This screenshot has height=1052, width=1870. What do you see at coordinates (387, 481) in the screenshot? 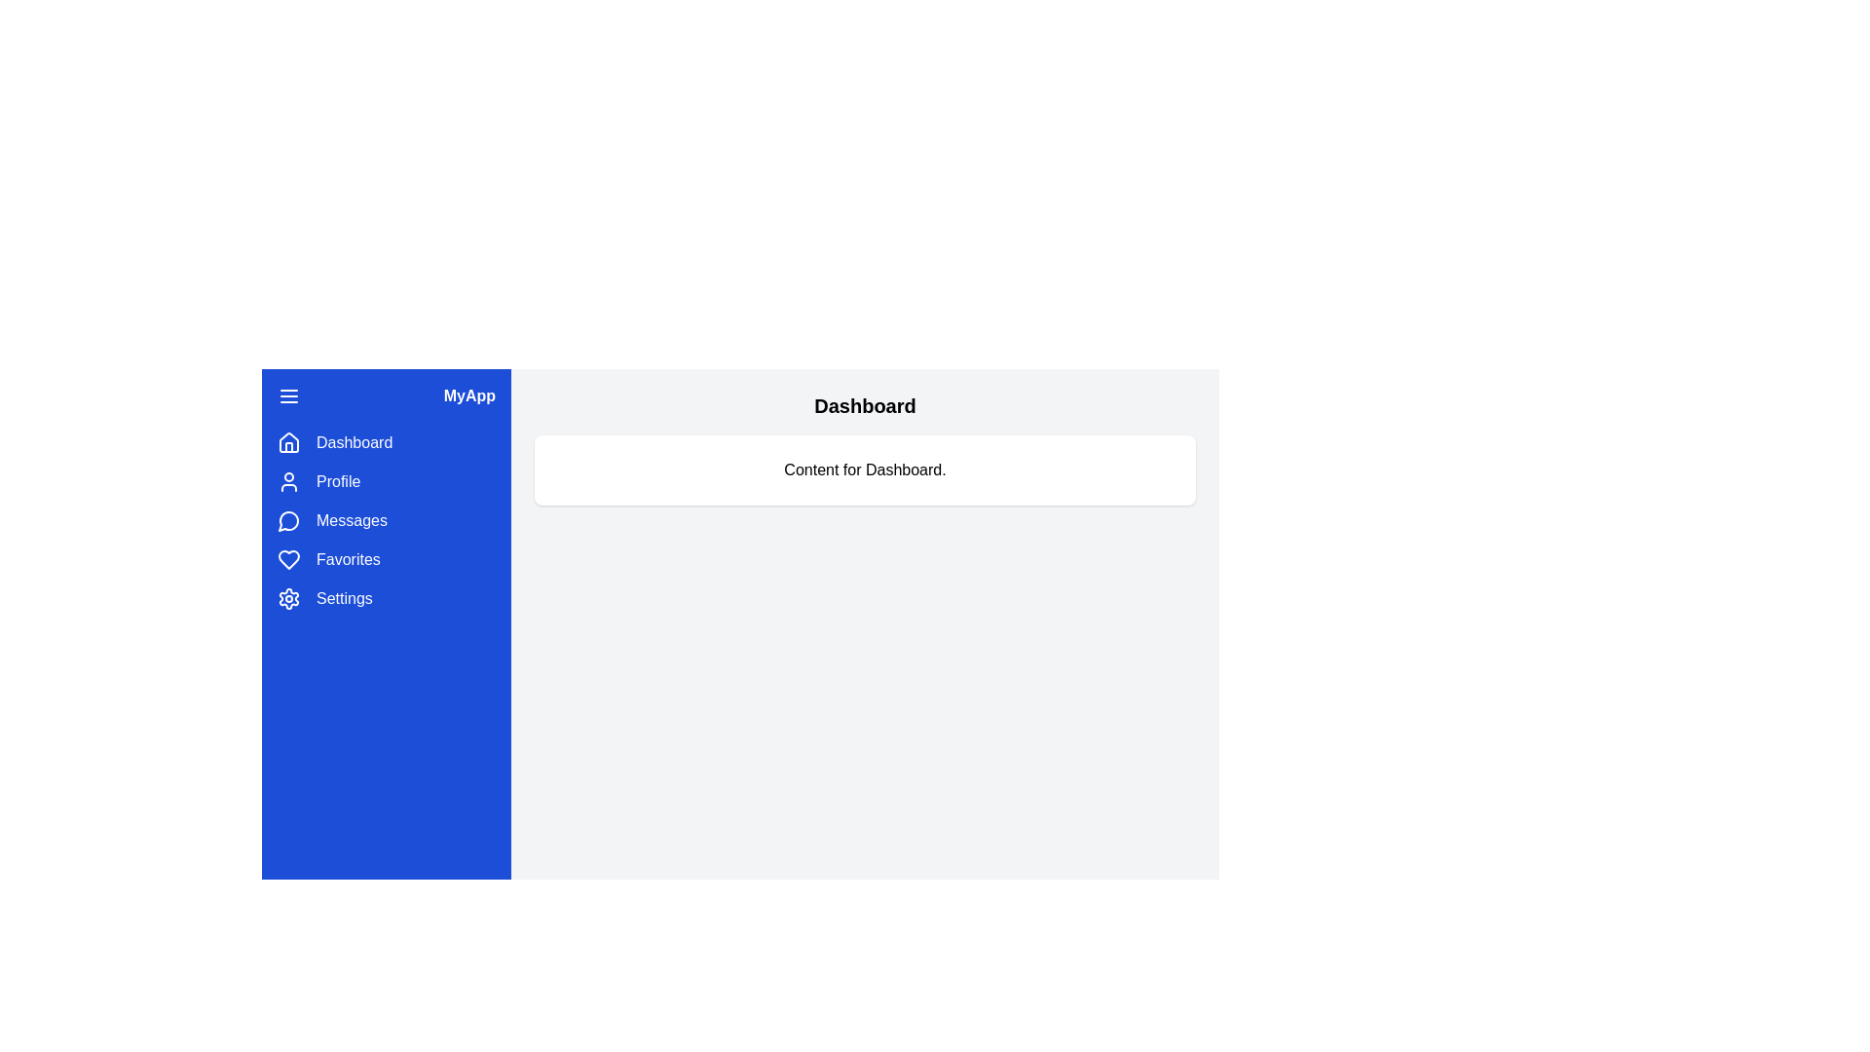
I see `the second item in the navigation menu, which links to the profile section of the application` at bounding box center [387, 481].